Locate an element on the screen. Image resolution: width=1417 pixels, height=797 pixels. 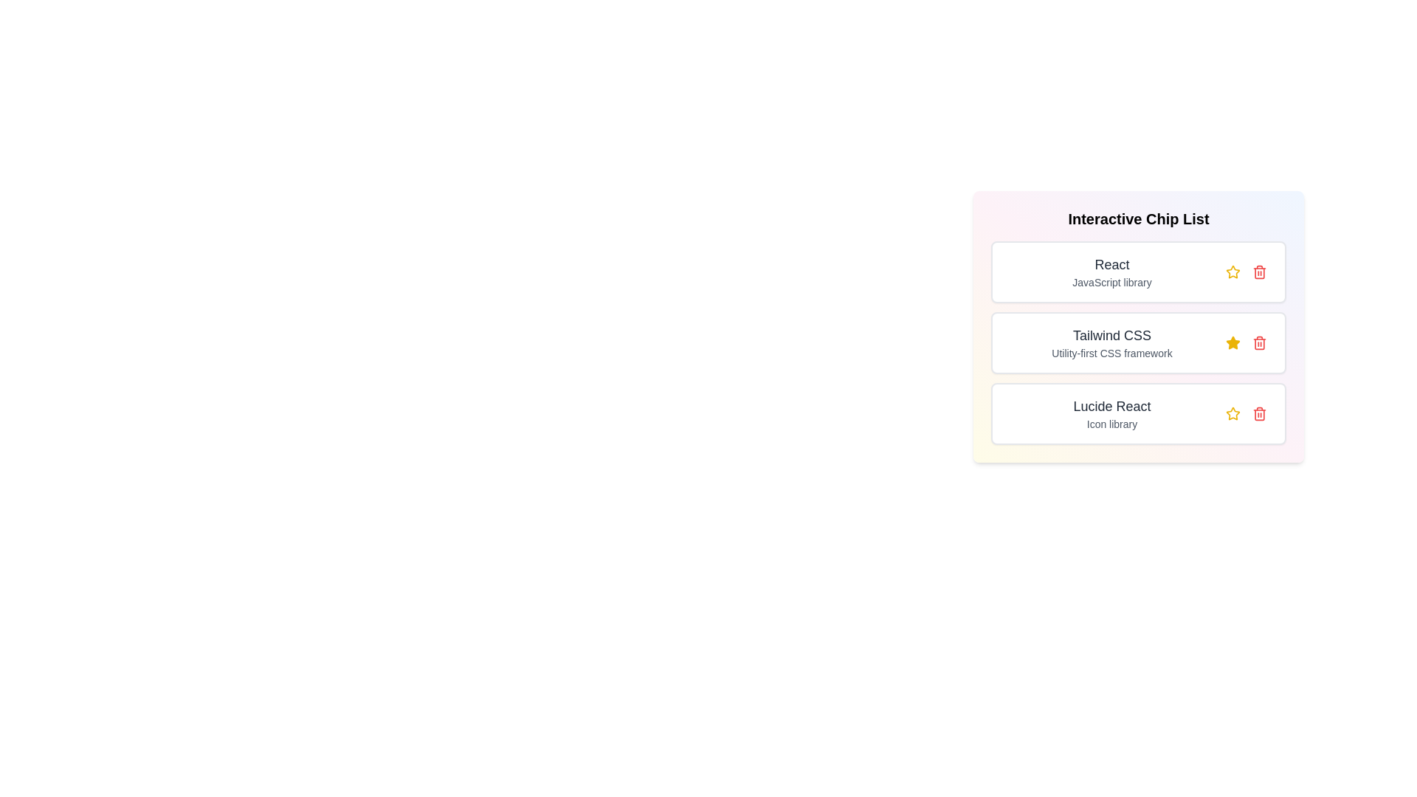
the list item labeled 'React' to observe the hover effect is located at coordinates (1137, 272).